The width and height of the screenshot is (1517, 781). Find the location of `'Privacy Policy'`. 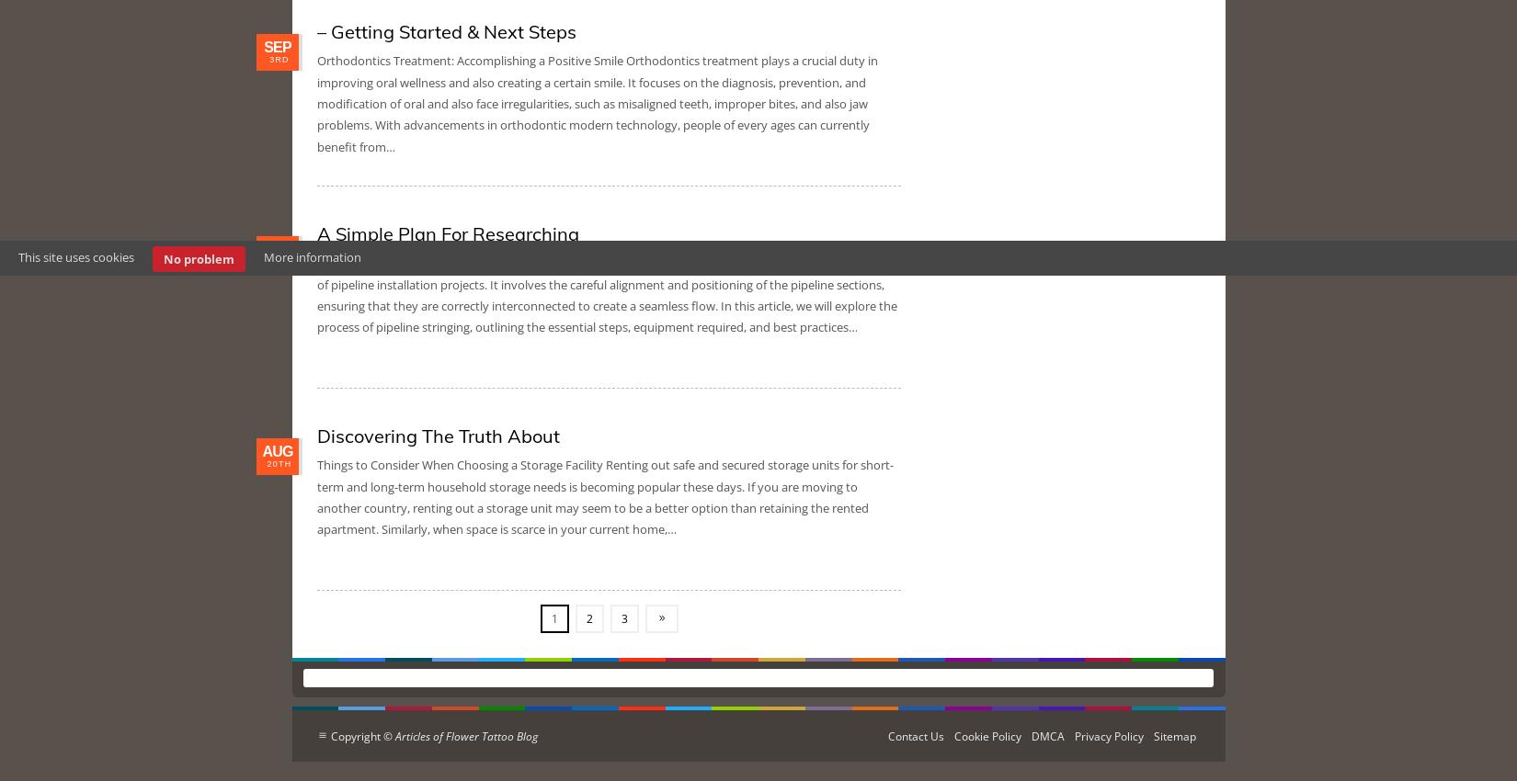

'Privacy Policy' is located at coordinates (1109, 735).